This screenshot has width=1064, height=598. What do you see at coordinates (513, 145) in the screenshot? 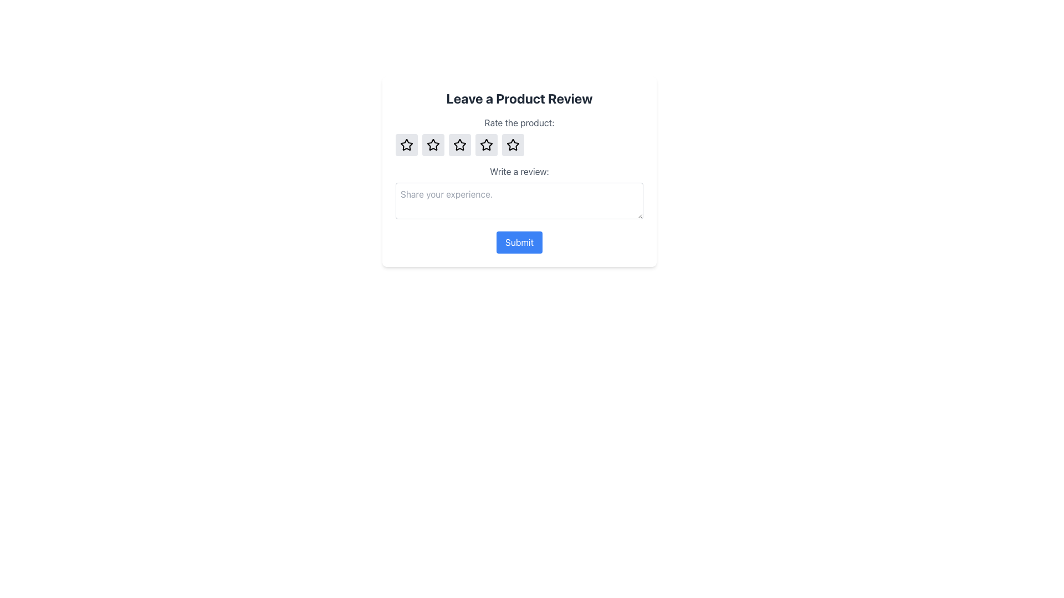
I see `the fourth star icon in the rating system, which is styled with a slight gray color and represents an unselected state, located beneath the 'Rate the product' text in the 'Leave a Product Review' section` at bounding box center [513, 145].